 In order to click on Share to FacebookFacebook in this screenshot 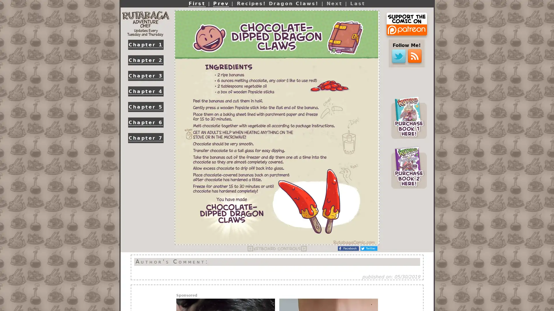, I will do `click(348, 248)`.